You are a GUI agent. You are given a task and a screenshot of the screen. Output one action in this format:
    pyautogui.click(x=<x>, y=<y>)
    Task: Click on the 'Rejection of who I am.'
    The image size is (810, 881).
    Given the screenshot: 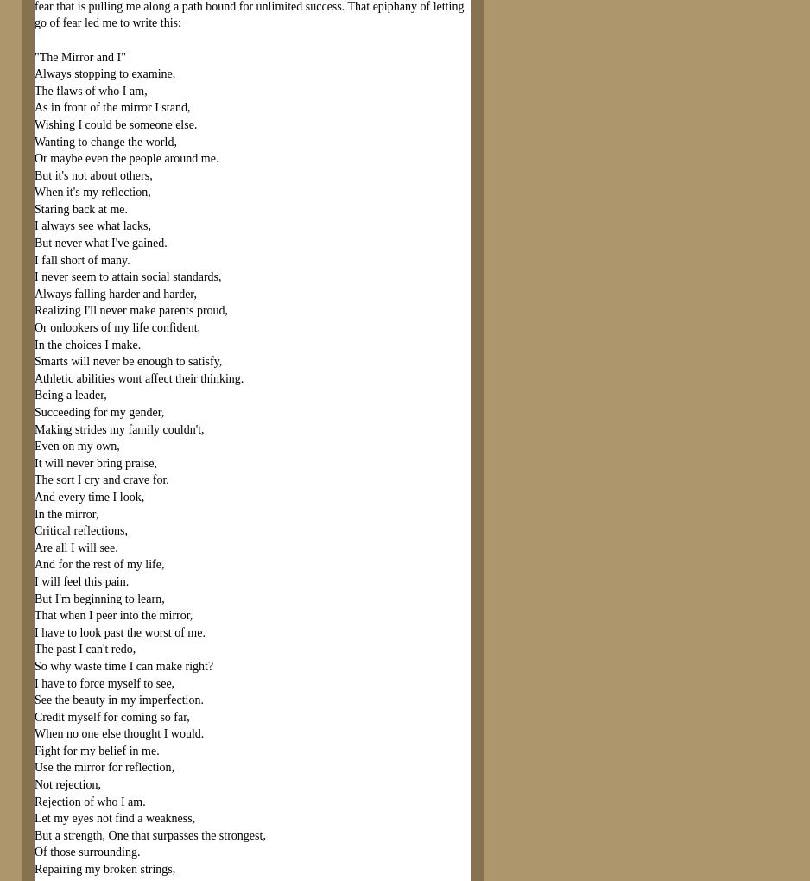 What is the action you would take?
    pyautogui.click(x=89, y=801)
    